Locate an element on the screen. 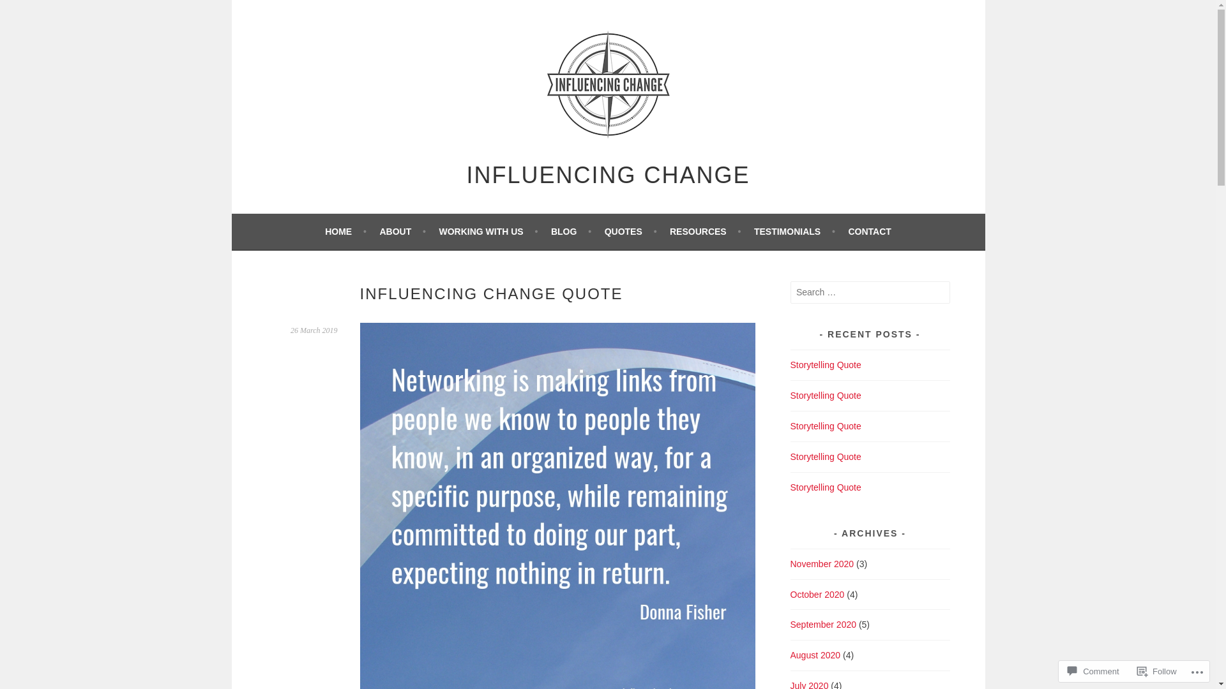  'WORKING WITH US' is located at coordinates (487, 231).